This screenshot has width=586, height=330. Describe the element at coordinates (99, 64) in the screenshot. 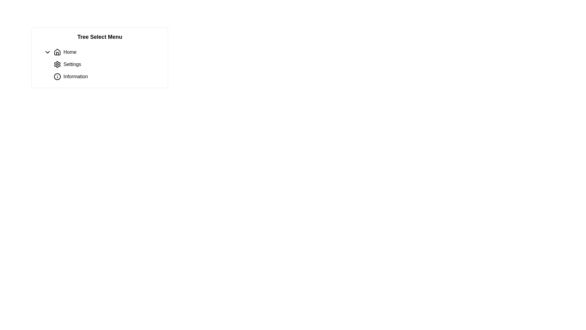

I see `the 'Settings' menu item within the 'Tree Select Menu' component` at that location.